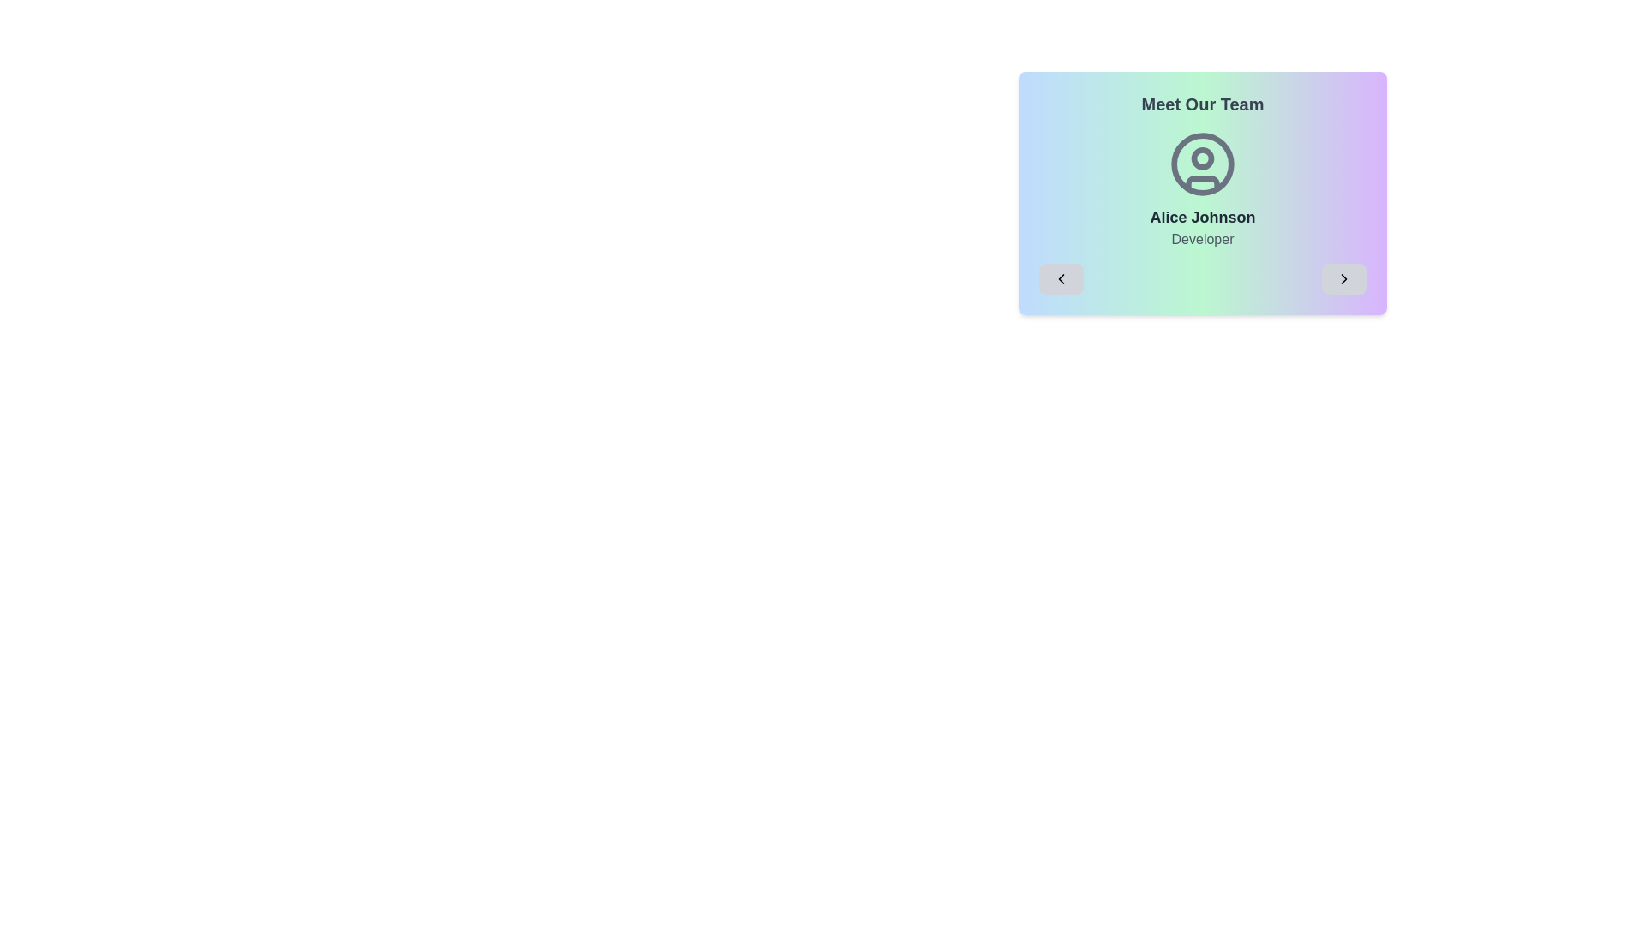 The image size is (1645, 925). Describe the element at coordinates (1201, 158) in the screenshot. I see `the circular graphic element representing the face detail within the user avatar icon` at that location.